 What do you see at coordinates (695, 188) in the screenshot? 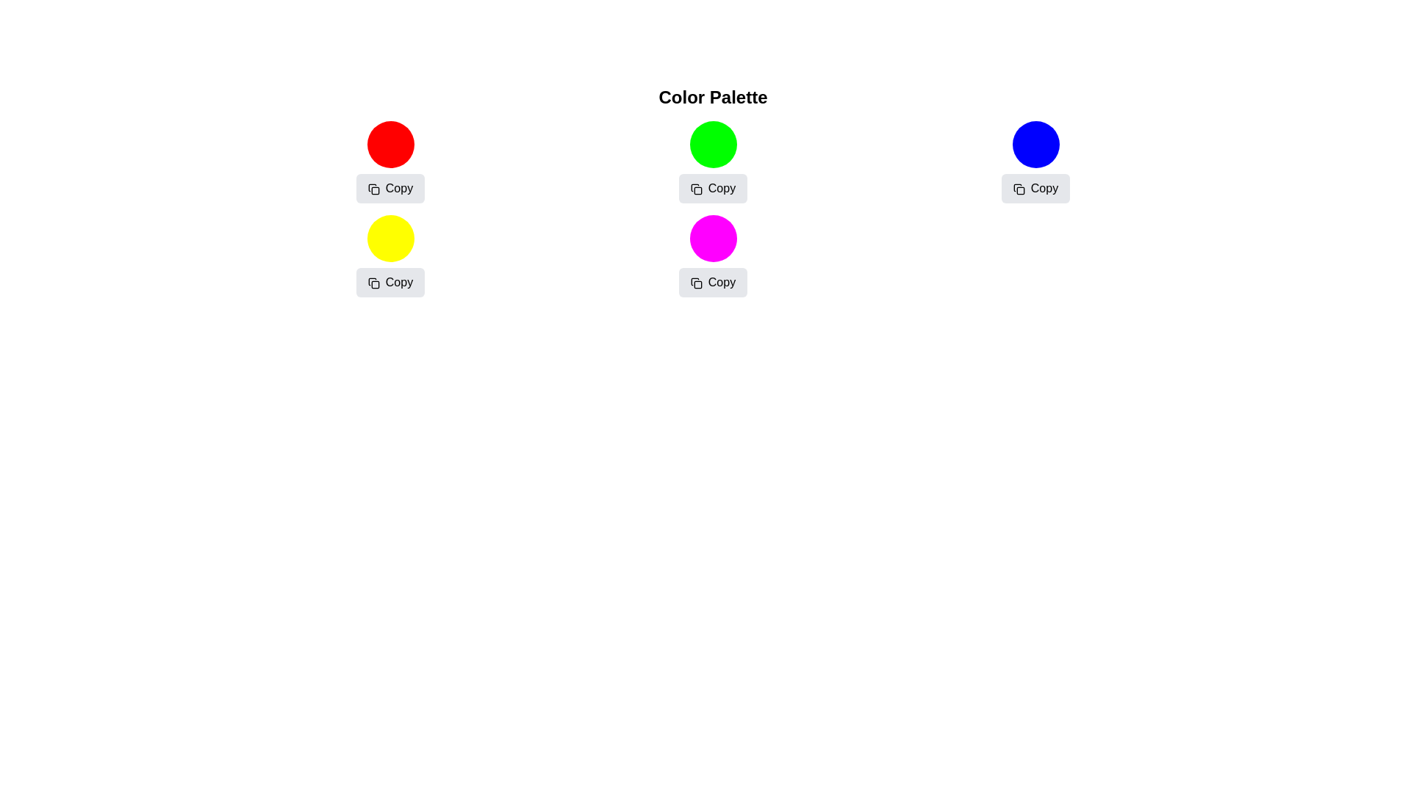
I see `the 'Copy' icon that is visually associated with the green color swatch, located to the left of the text 'Copy'` at bounding box center [695, 188].